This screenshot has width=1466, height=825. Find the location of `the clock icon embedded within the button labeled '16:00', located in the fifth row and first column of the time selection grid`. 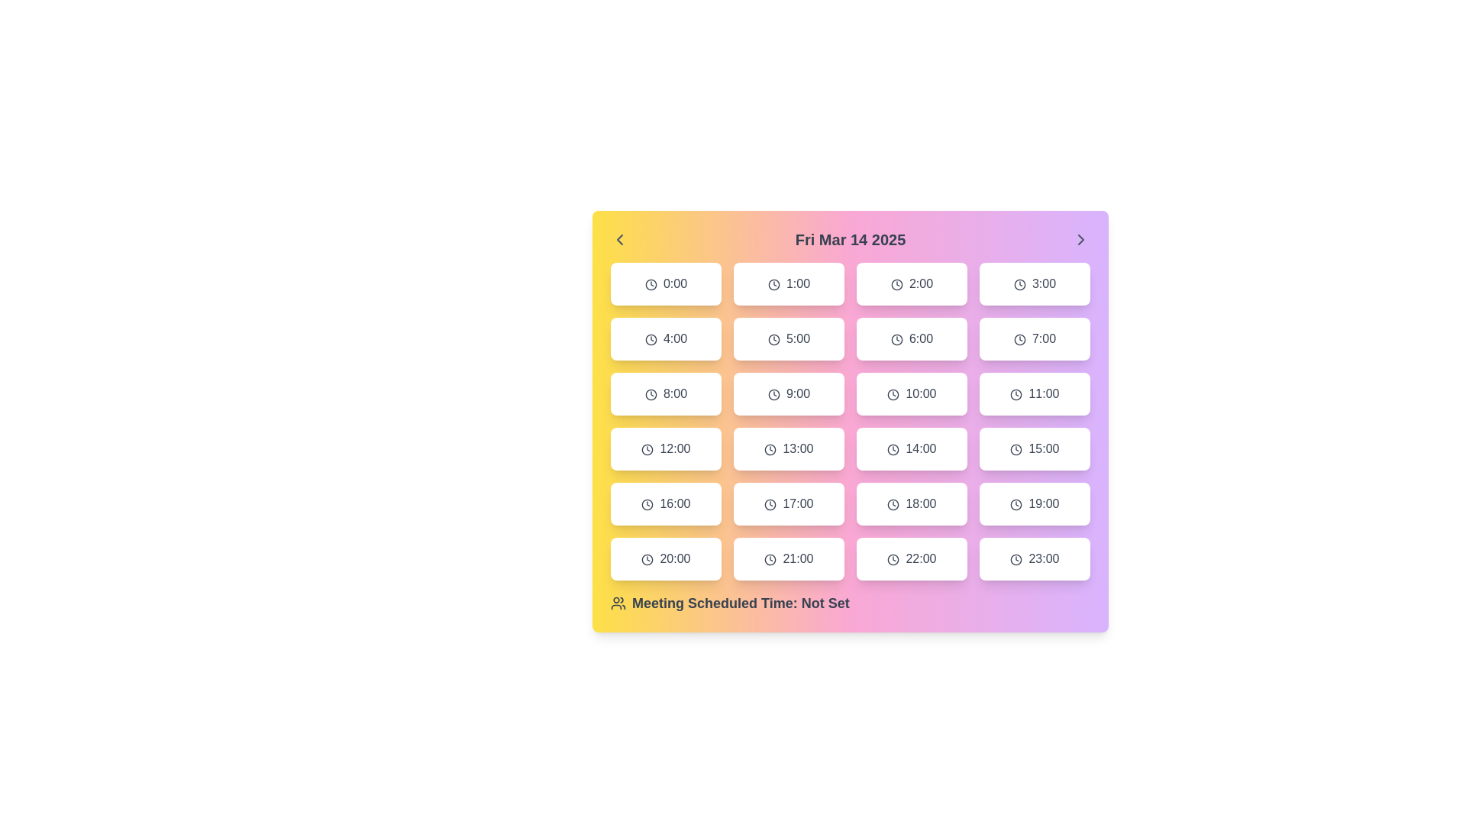

the clock icon embedded within the button labeled '16:00', located in the fifth row and first column of the time selection grid is located at coordinates (647, 504).